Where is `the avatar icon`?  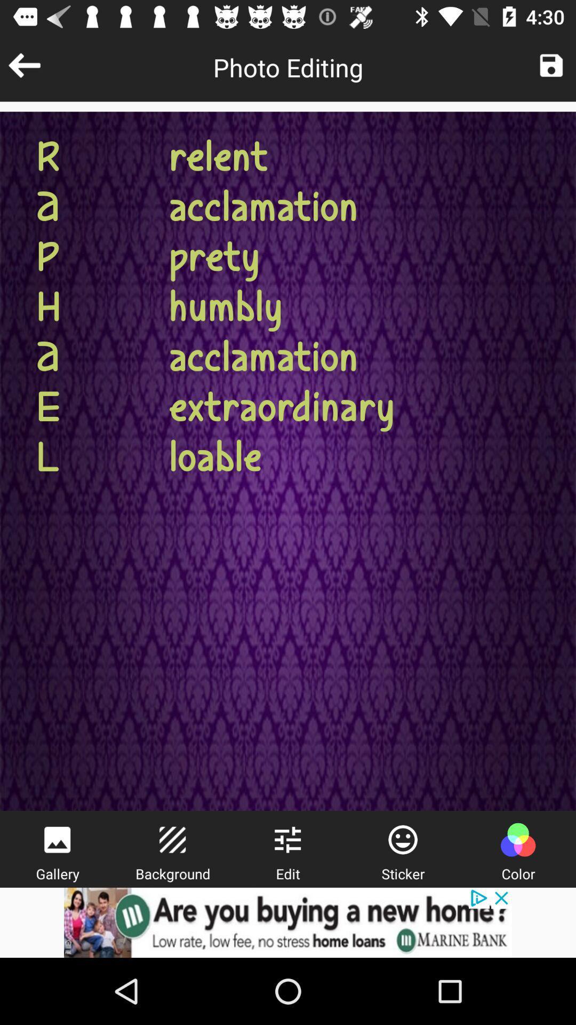
the avatar icon is located at coordinates (517, 839).